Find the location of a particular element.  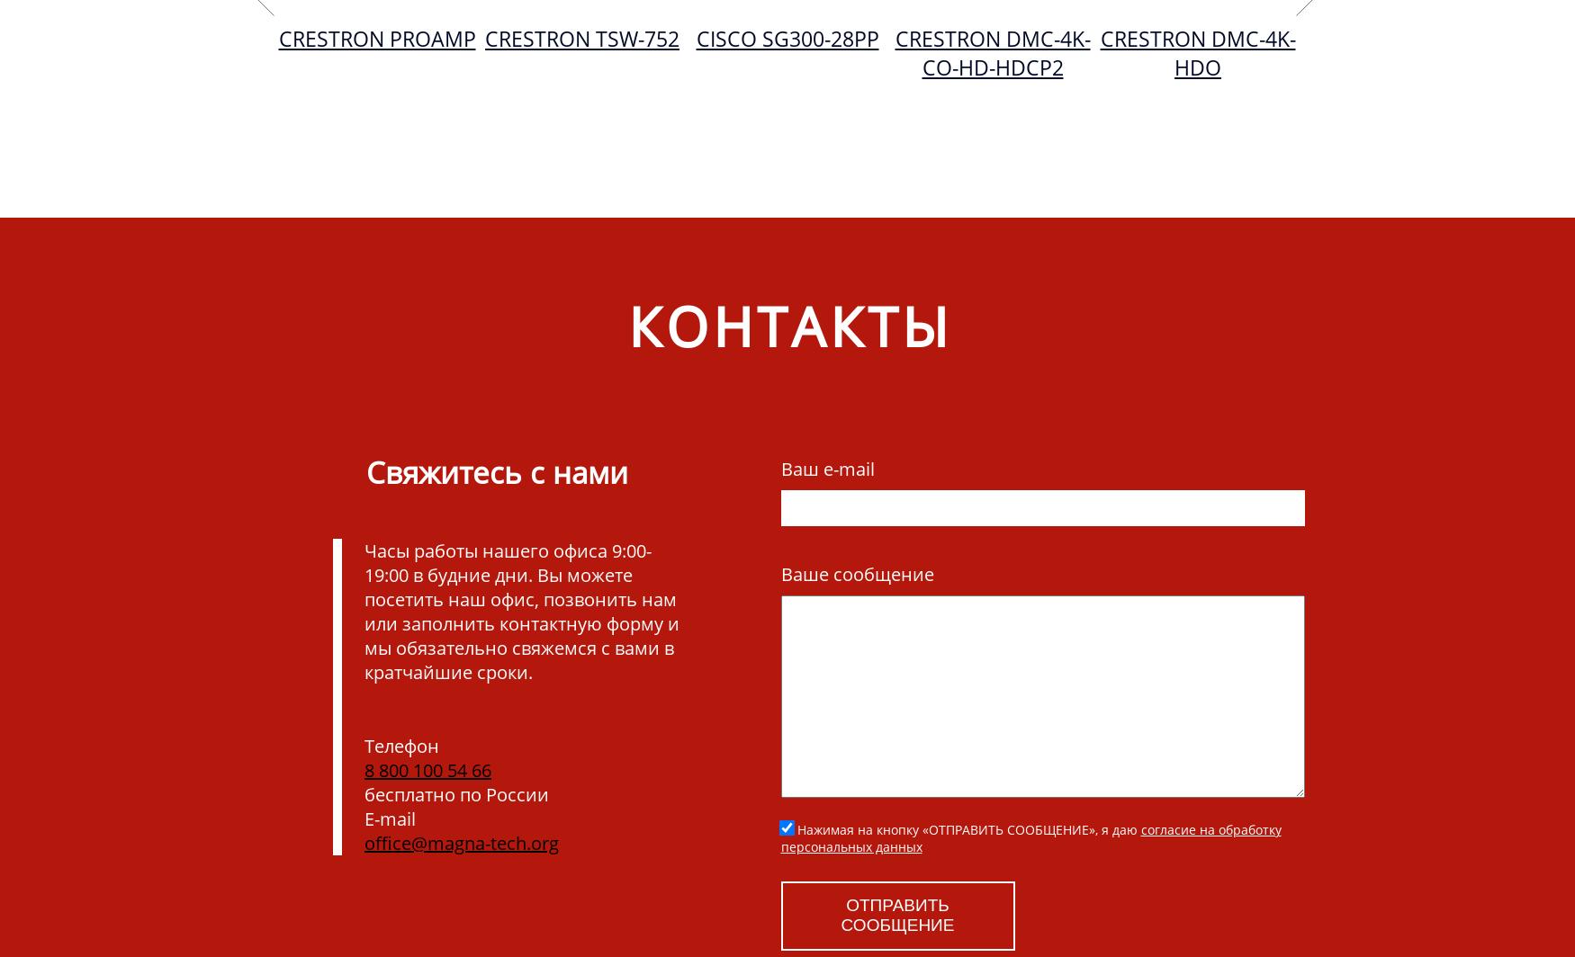

'Crestron DMC-4K-HDO' is located at coordinates (1197, 53).